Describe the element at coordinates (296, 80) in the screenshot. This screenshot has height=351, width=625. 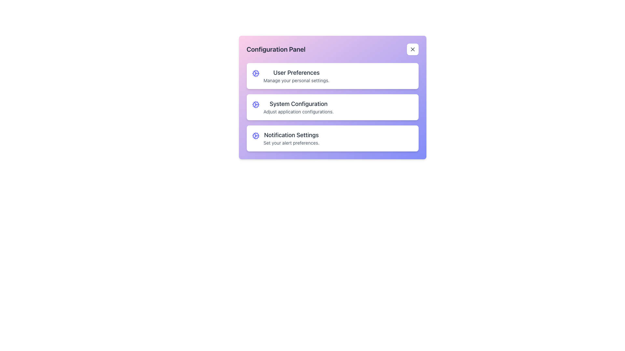
I see `the text label that reads 'Manage your personal settings.' located under the 'User Preferences' header in the configuration panel` at that location.